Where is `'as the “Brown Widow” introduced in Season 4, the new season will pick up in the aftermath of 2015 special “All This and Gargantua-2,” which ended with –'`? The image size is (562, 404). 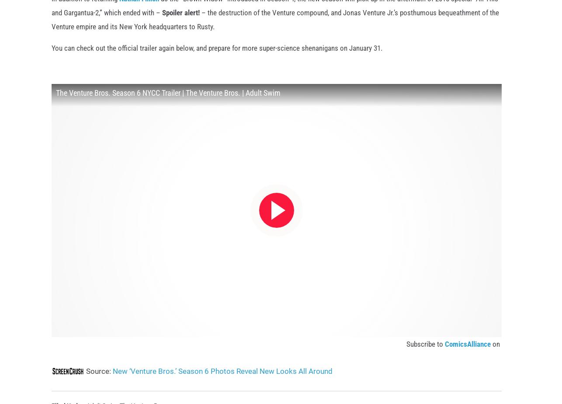 'as the “Brown Widow” introduced in Season 4, the new season will pick up in the aftermath of 2015 special “All This and Gargantua-2,” which ended with –' is located at coordinates (274, 19).